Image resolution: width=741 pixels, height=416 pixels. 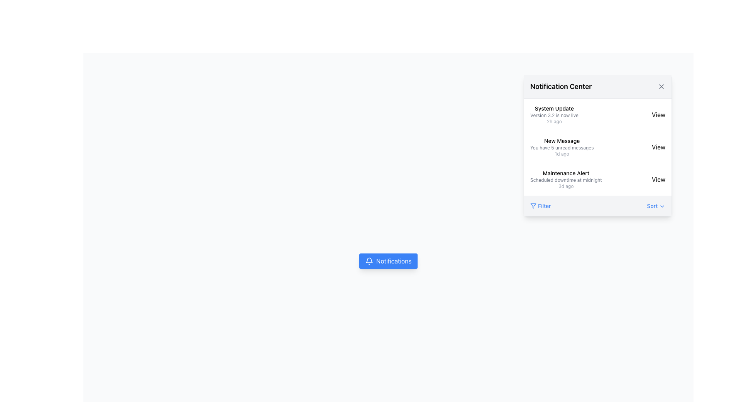 I want to click on the diagonal line of the 'X' icon within the SVG graphic located in the top-right corner of the notification panel, so click(x=661, y=86).